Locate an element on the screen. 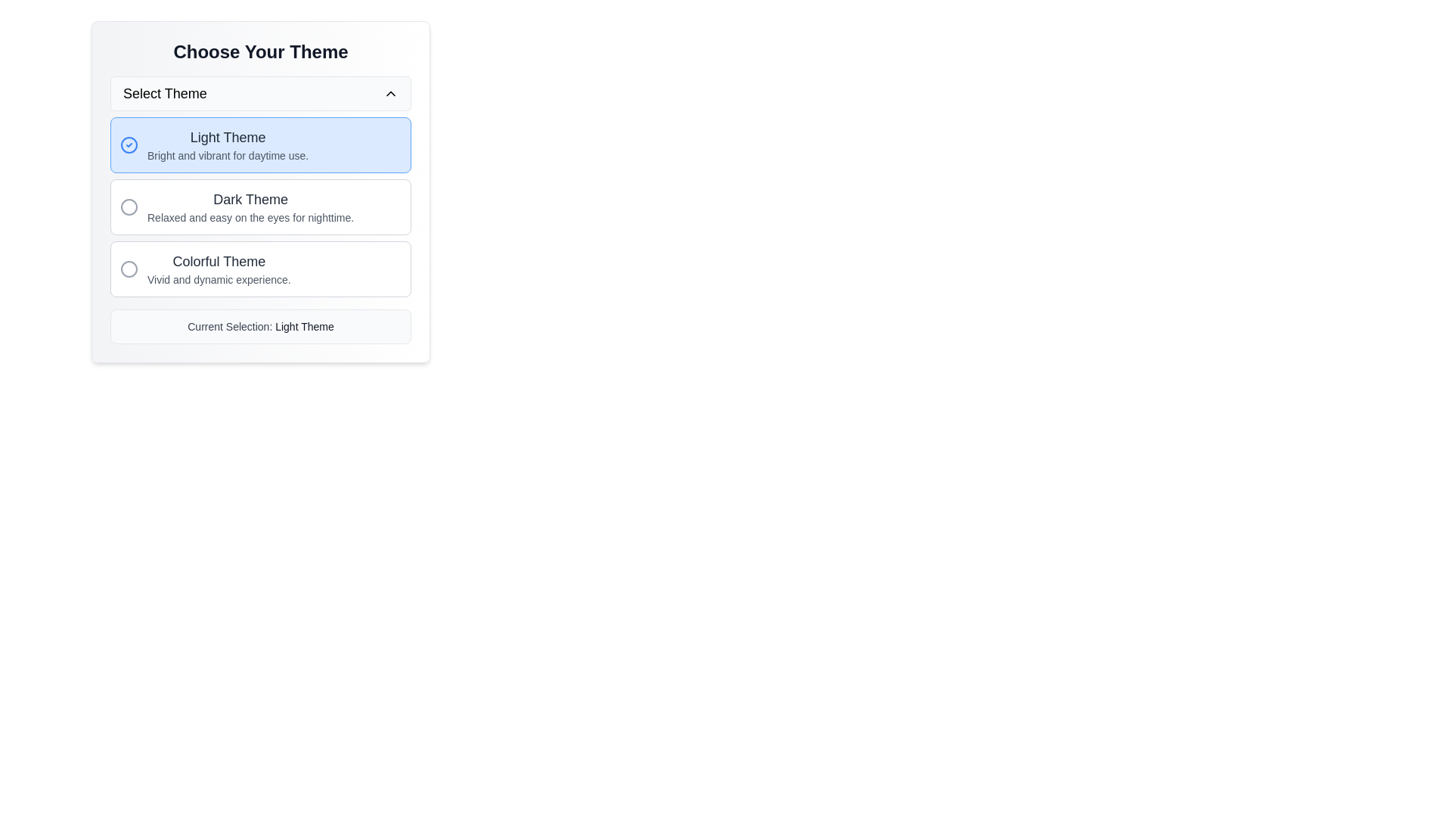 The image size is (1452, 817). the 'Light Theme' text label in the 'Choose Your Theme' selection list is located at coordinates (227, 145).